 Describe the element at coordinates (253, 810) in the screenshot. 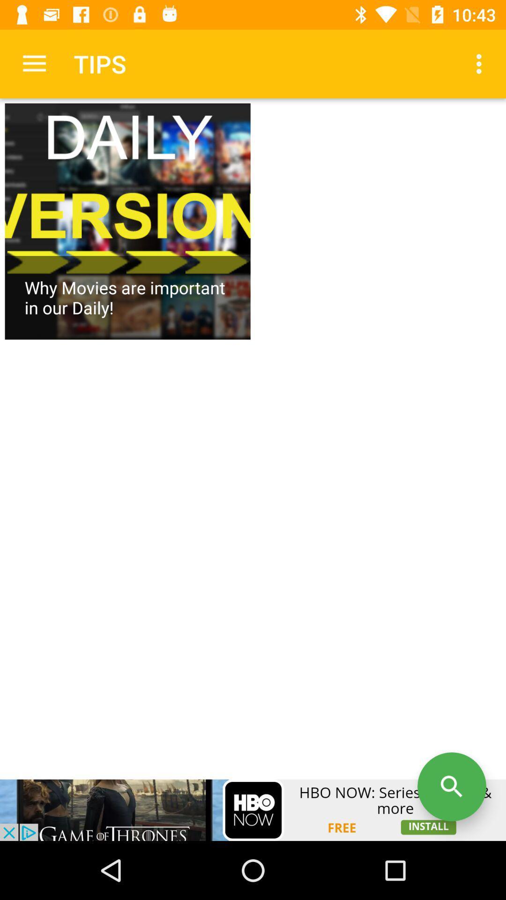

I see `advertisement website` at that location.